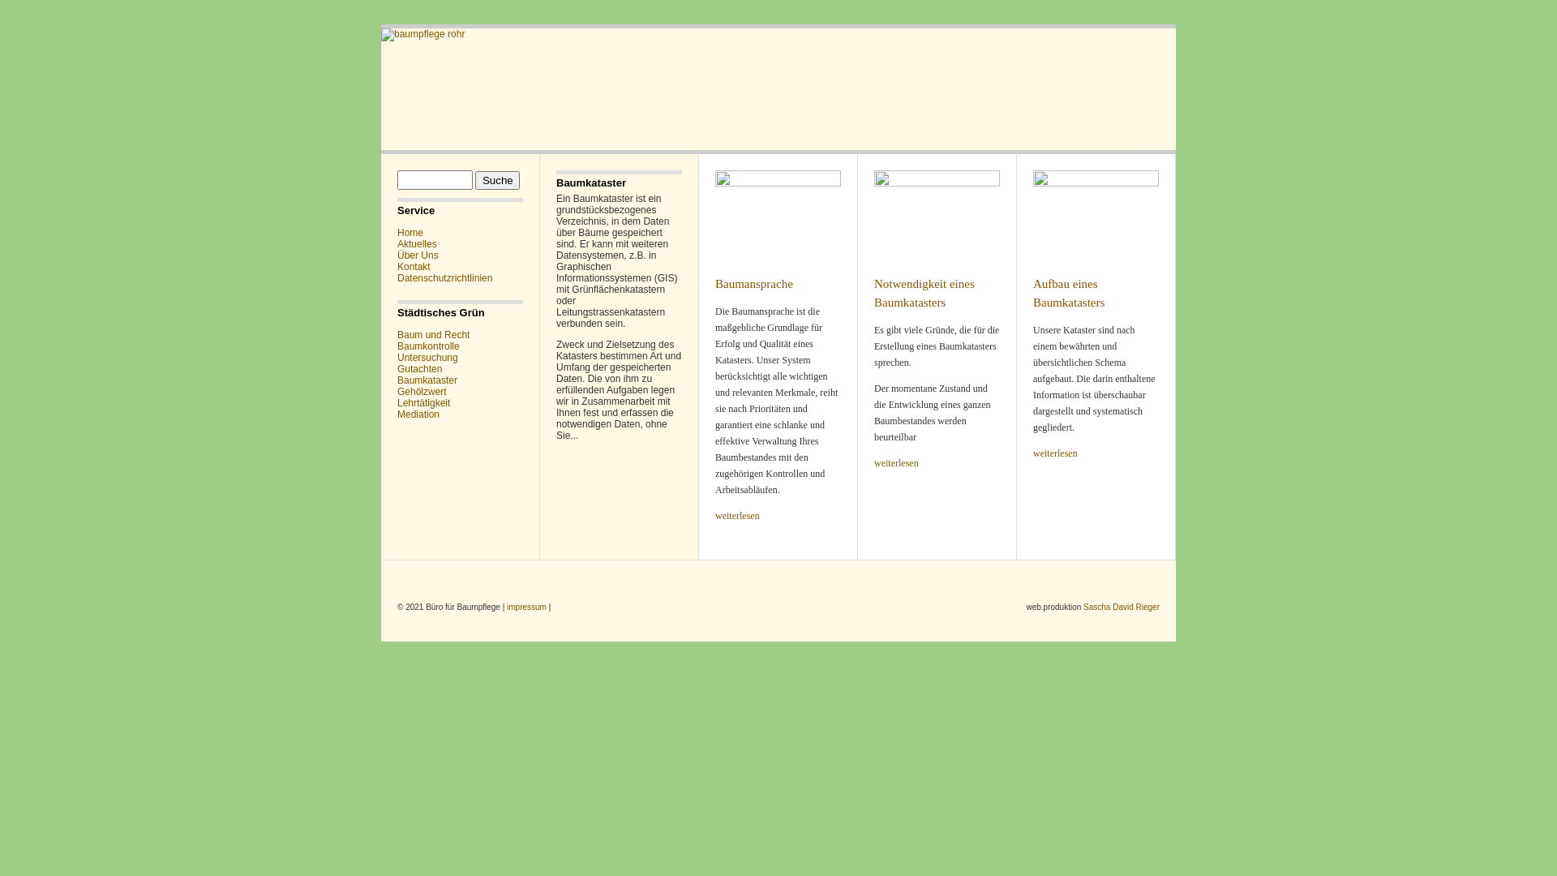 This screenshot has height=876, width=1557. Describe the element at coordinates (1096, 453) in the screenshot. I see `'weiterlesen'` at that location.